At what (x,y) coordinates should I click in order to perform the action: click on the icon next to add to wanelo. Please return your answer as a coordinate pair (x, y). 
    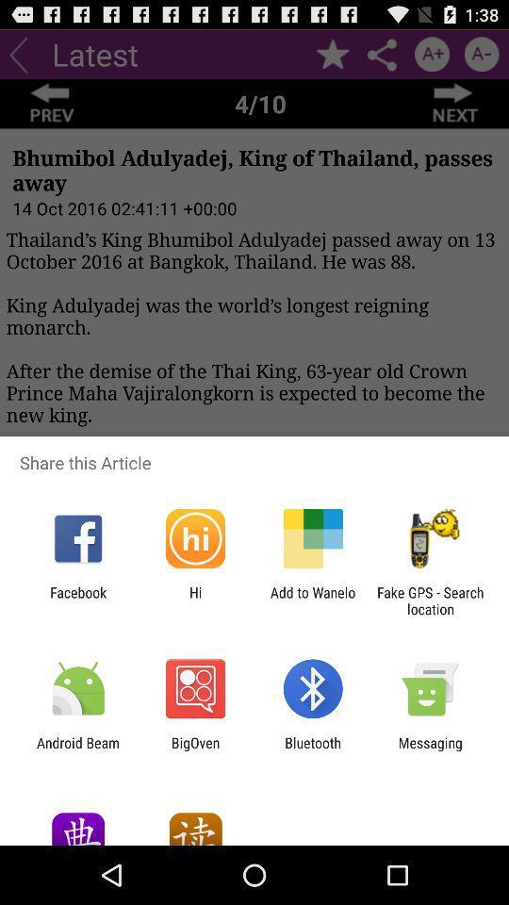
    Looking at the image, I should click on (430, 600).